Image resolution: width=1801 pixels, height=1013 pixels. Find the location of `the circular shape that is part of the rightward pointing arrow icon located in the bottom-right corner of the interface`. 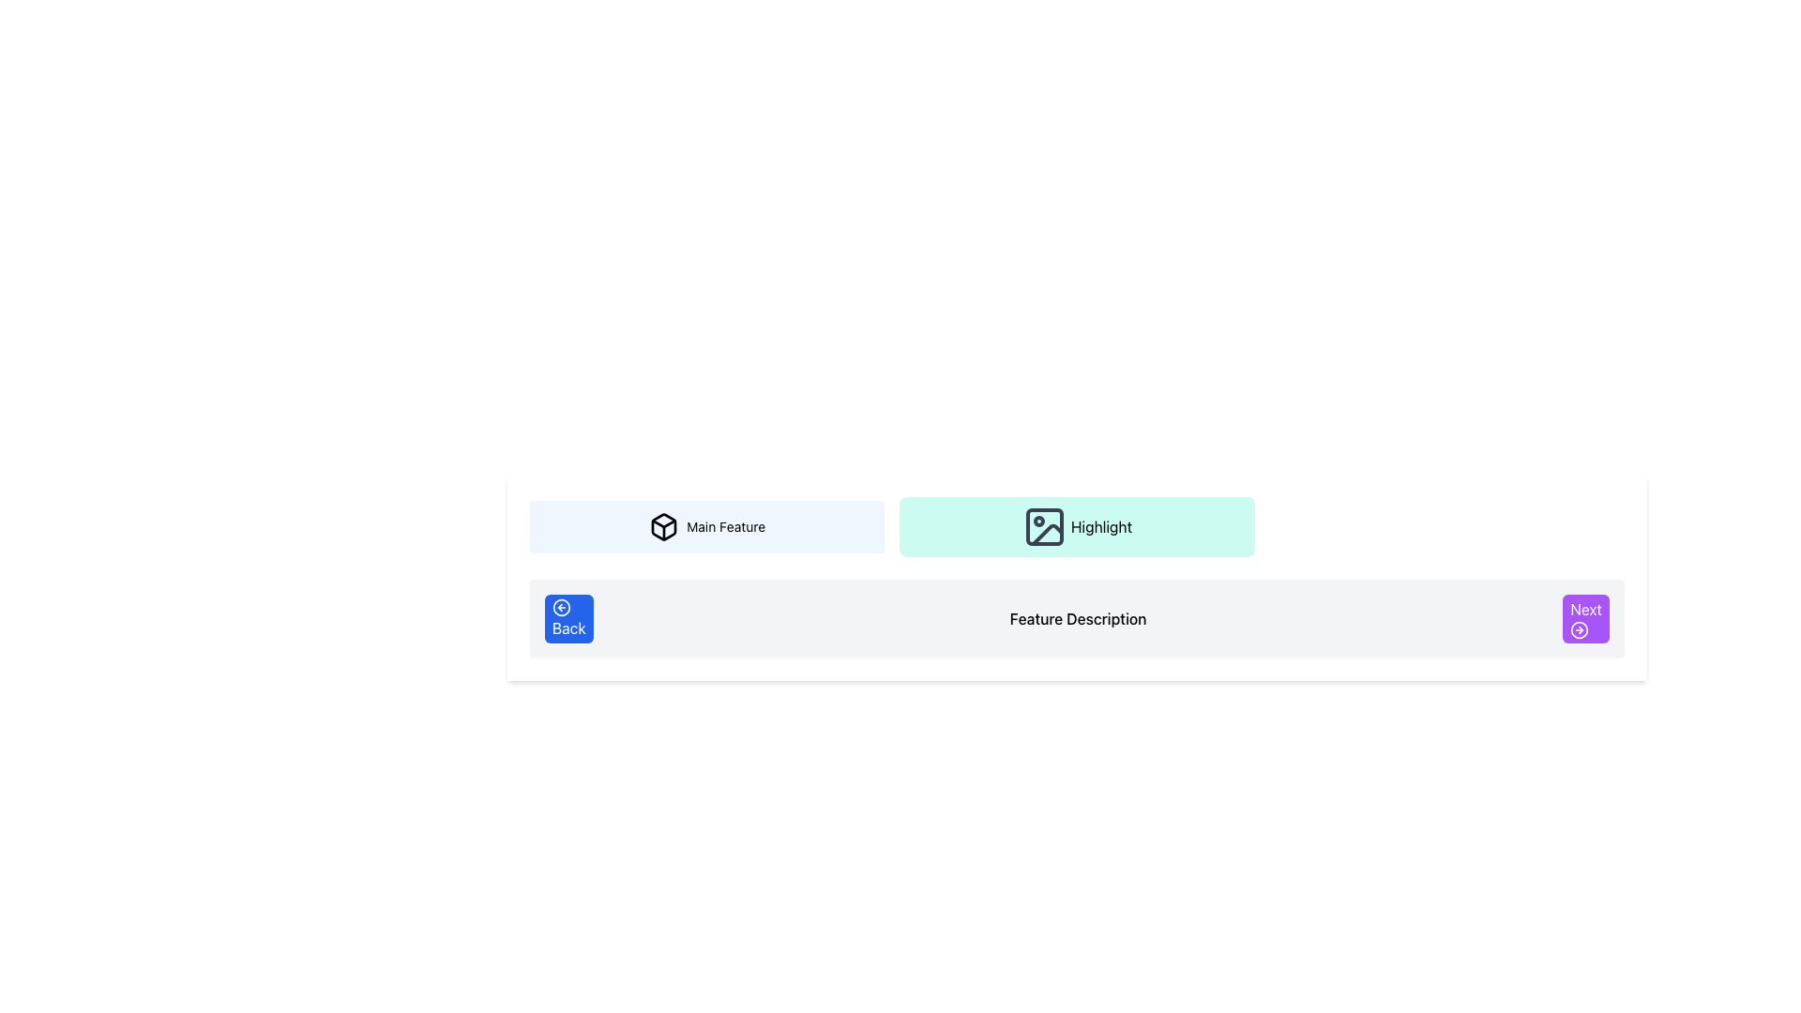

the circular shape that is part of the rightward pointing arrow icon located in the bottom-right corner of the interface is located at coordinates (1579, 629).